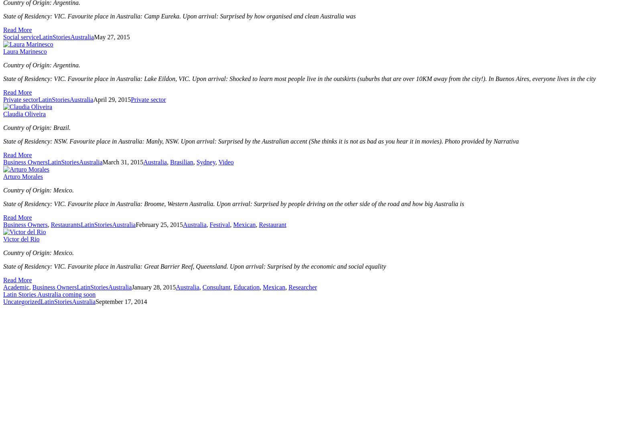  Describe the element at coordinates (65, 225) in the screenshot. I see `'Restaurants'` at that location.